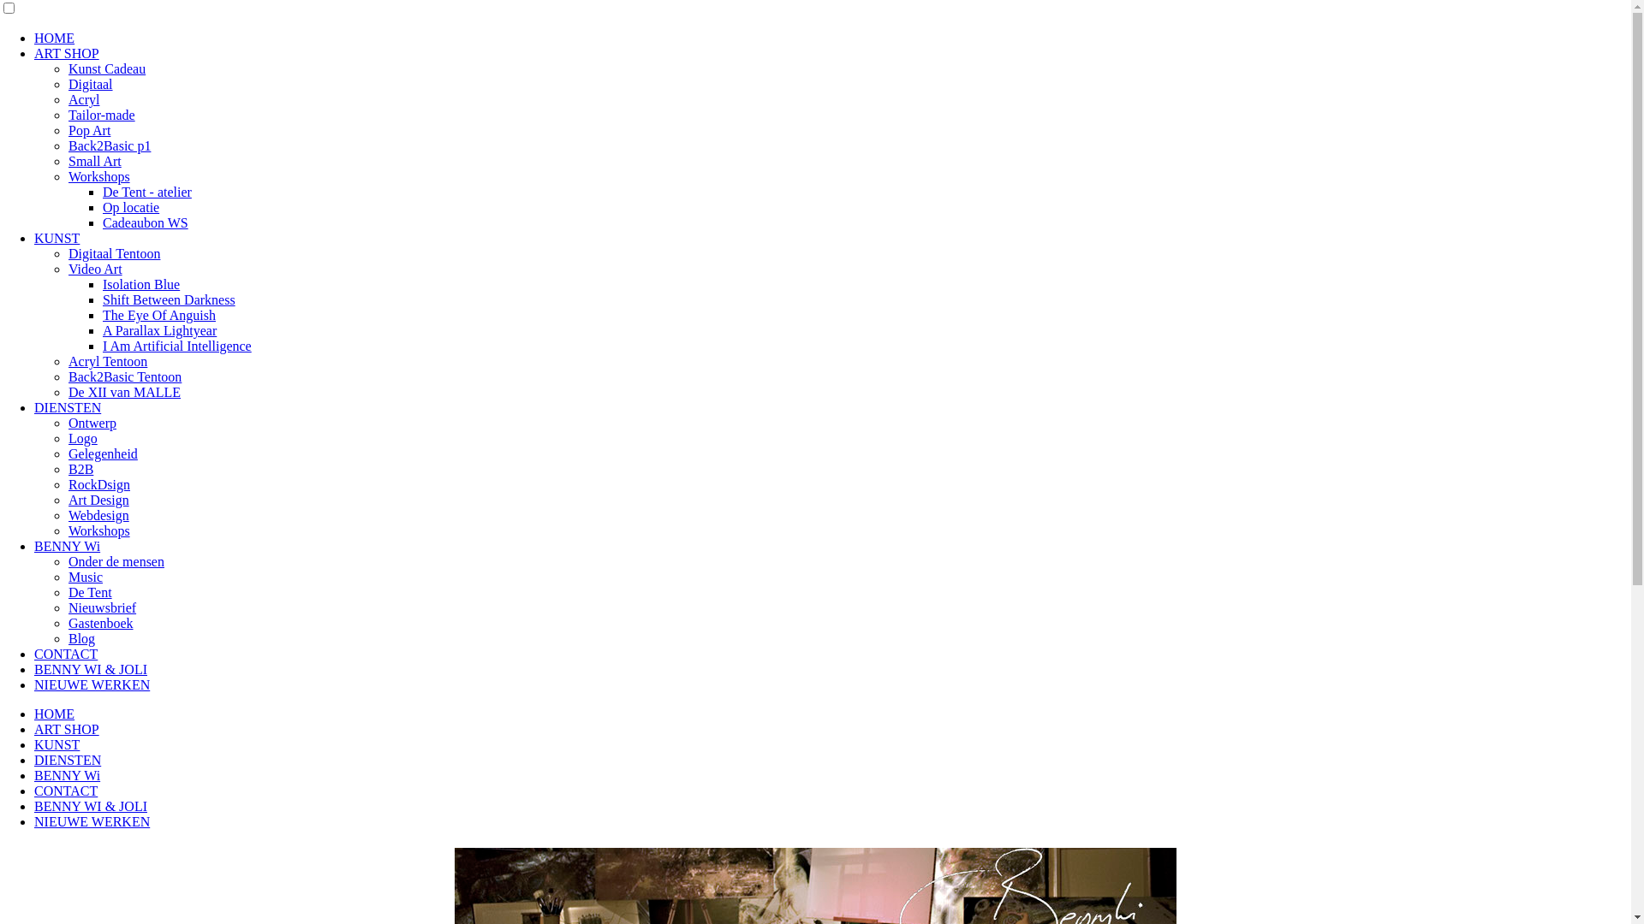 Image resolution: width=1644 pixels, height=924 pixels. I want to click on 'De Tent', so click(89, 591).